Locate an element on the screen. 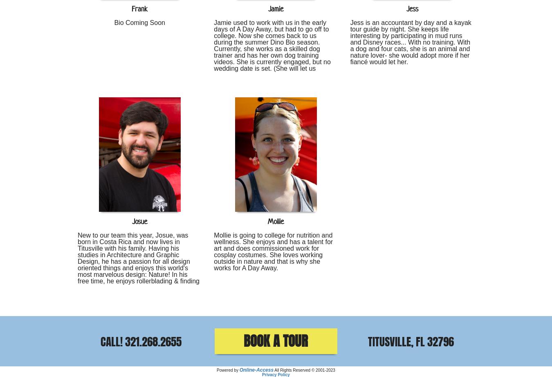 The width and height of the screenshot is (552, 377). 'Titusville, FL 32796' is located at coordinates (410, 341).